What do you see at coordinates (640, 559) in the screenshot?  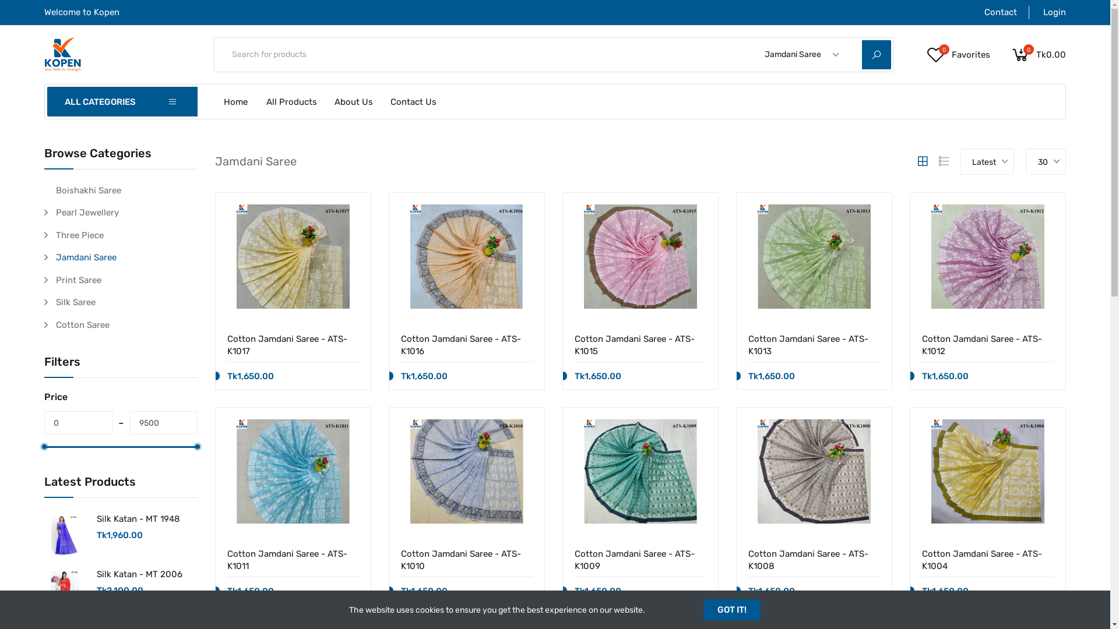 I see `'Cotton Jamdani Saree - ATS-K1009'` at bounding box center [640, 559].